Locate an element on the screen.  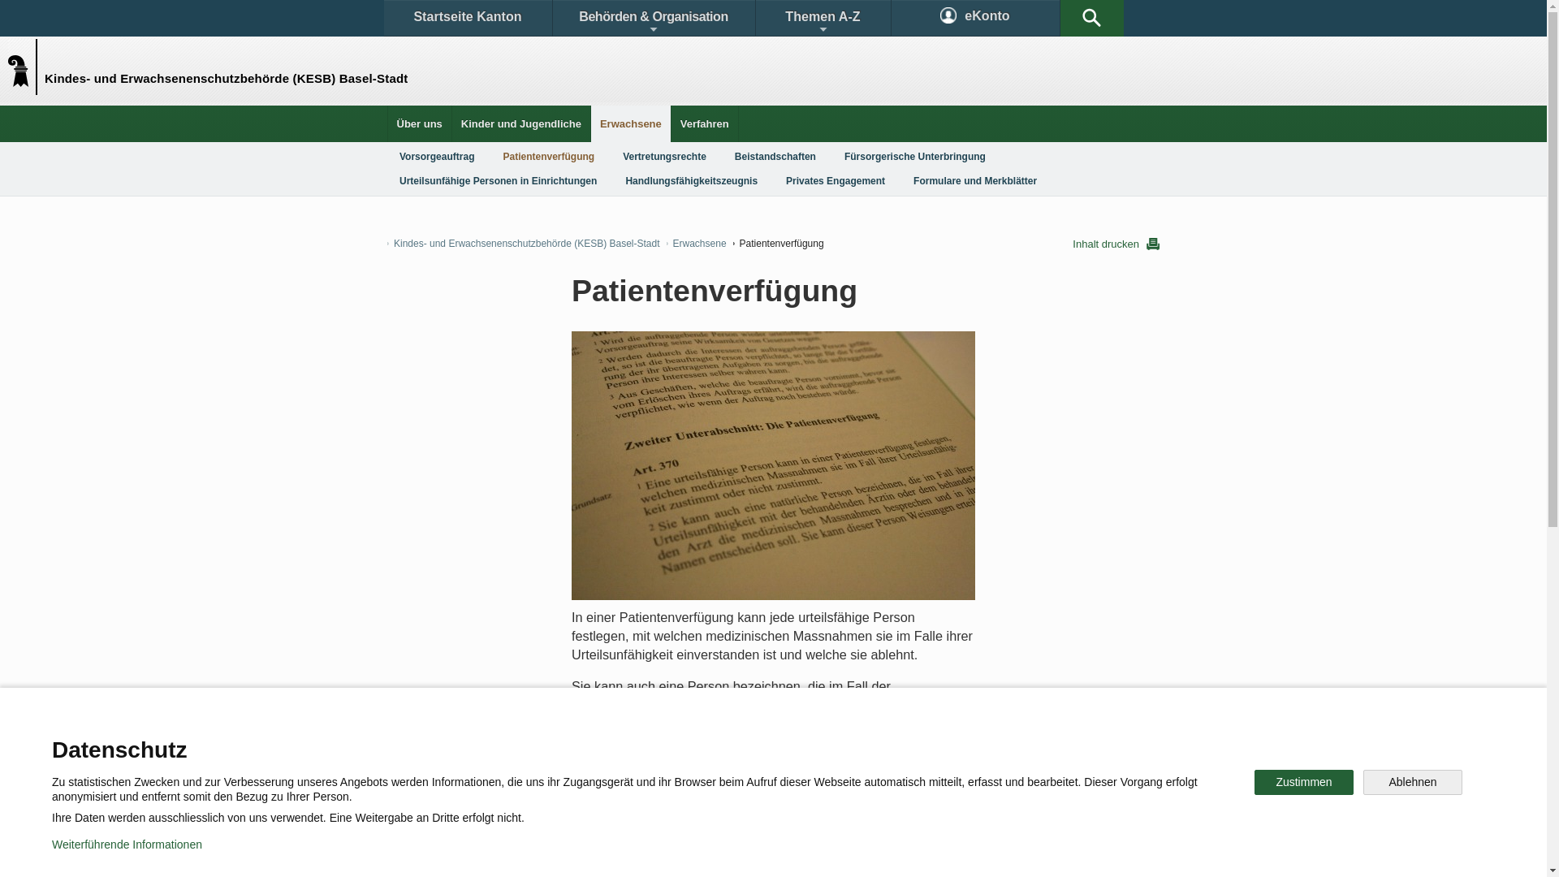
'Beistandschaften' is located at coordinates (721, 156).